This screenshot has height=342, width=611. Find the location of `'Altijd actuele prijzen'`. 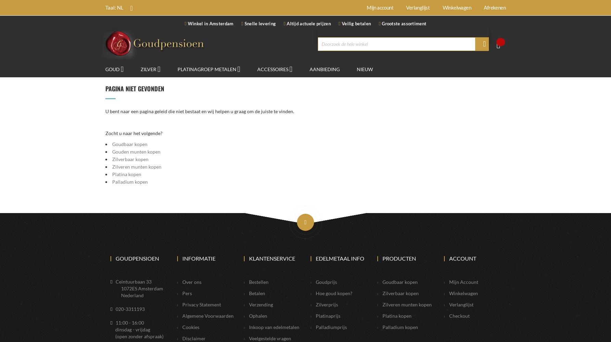

'Altijd actuele prijzen' is located at coordinates (308, 23).